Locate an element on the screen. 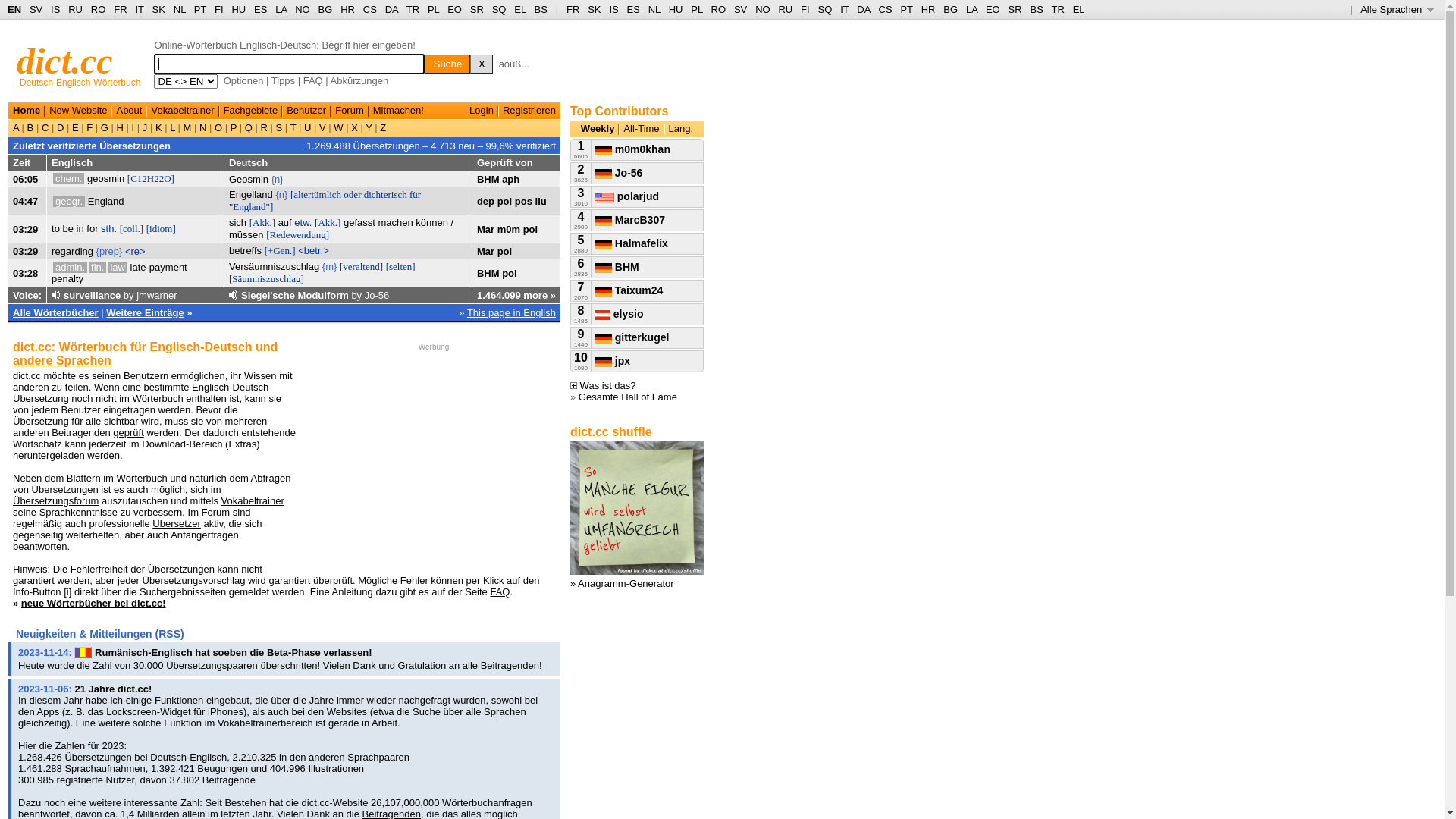 This screenshot has width=1456, height=819. 'All-Time' is located at coordinates (641, 127).